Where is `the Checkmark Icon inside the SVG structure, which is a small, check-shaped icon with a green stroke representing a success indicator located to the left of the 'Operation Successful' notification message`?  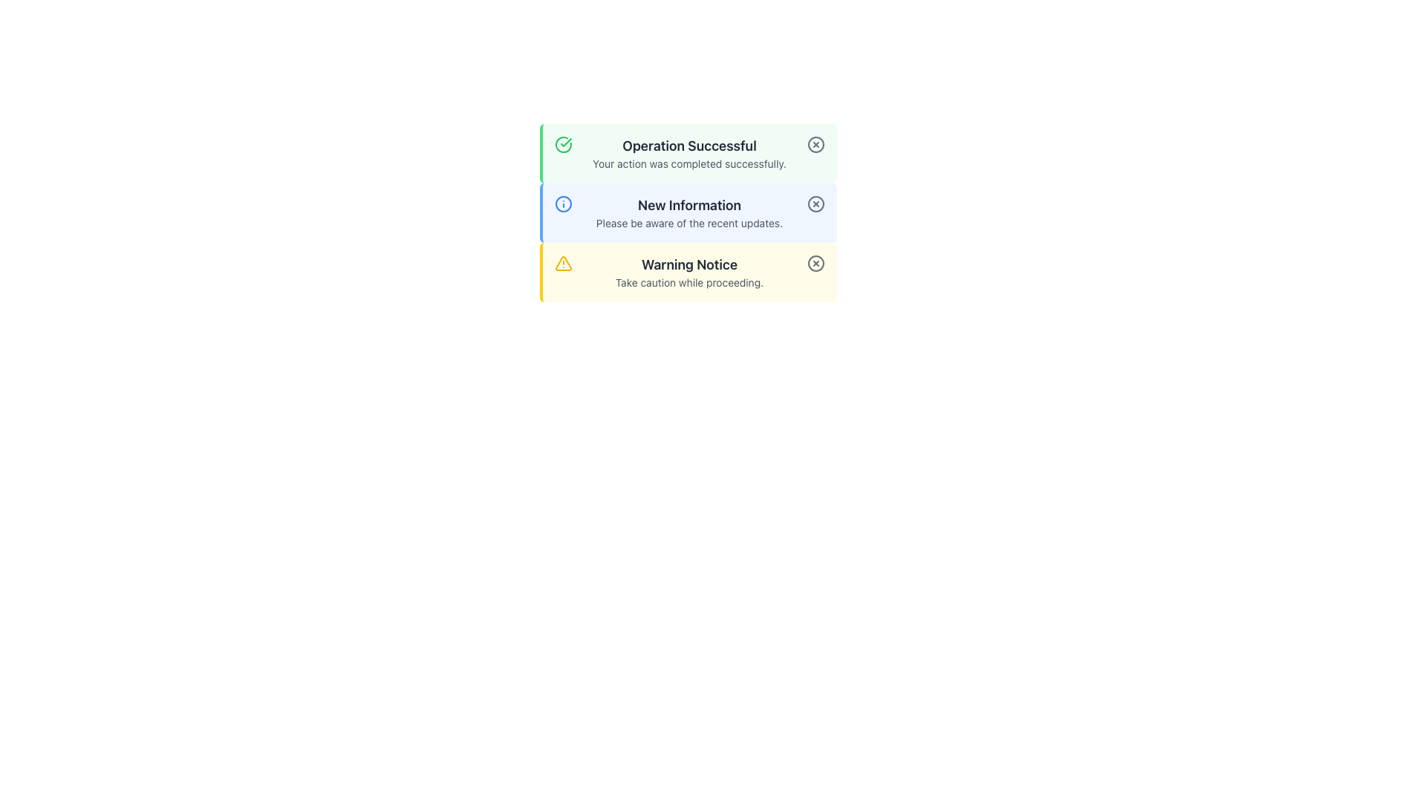 the Checkmark Icon inside the SVG structure, which is a small, check-shaped icon with a green stroke representing a success indicator located to the left of the 'Operation Successful' notification message is located at coordinates (565, 143).